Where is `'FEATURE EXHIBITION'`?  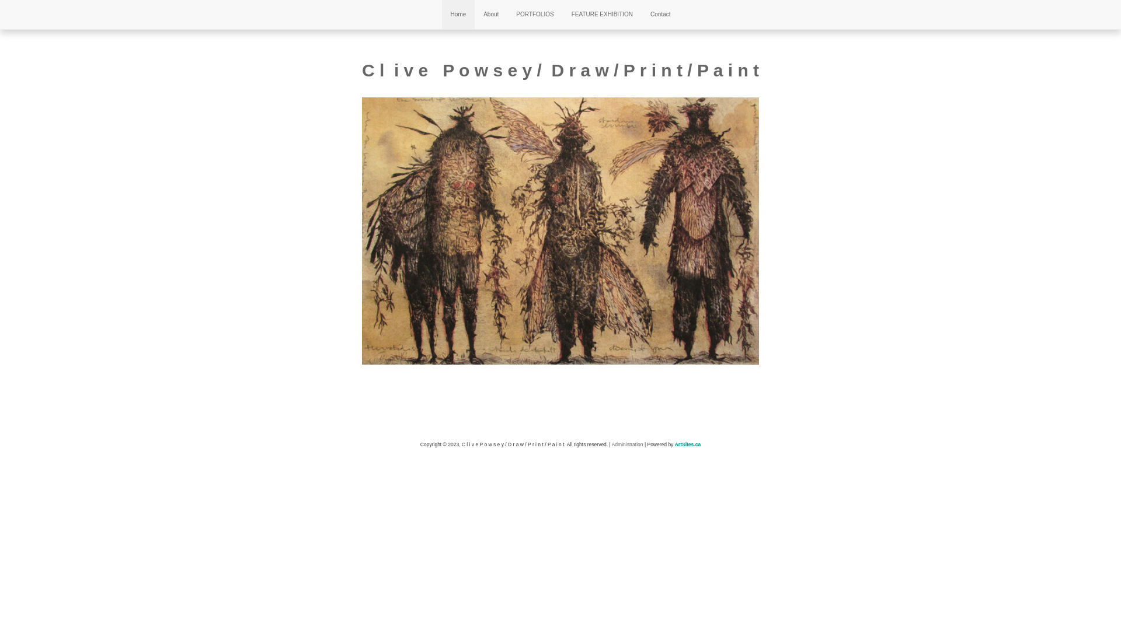 'FEATURE EXHIBITION' is located at coordinates (602, 14).